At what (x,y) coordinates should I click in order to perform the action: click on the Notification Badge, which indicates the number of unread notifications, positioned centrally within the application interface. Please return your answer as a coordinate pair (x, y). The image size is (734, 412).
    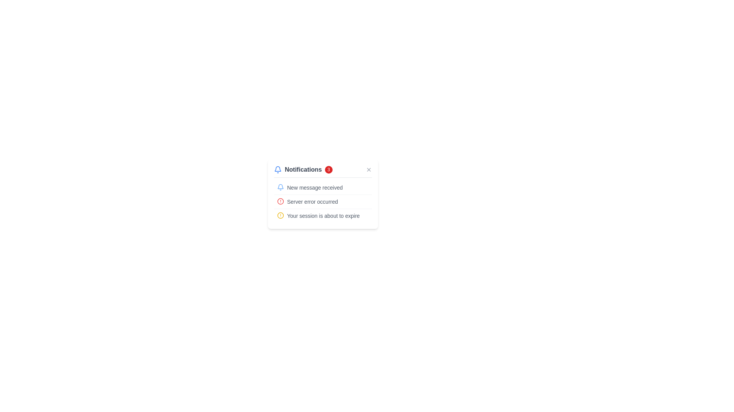
    Looking at the image, I should click on (328, 169).